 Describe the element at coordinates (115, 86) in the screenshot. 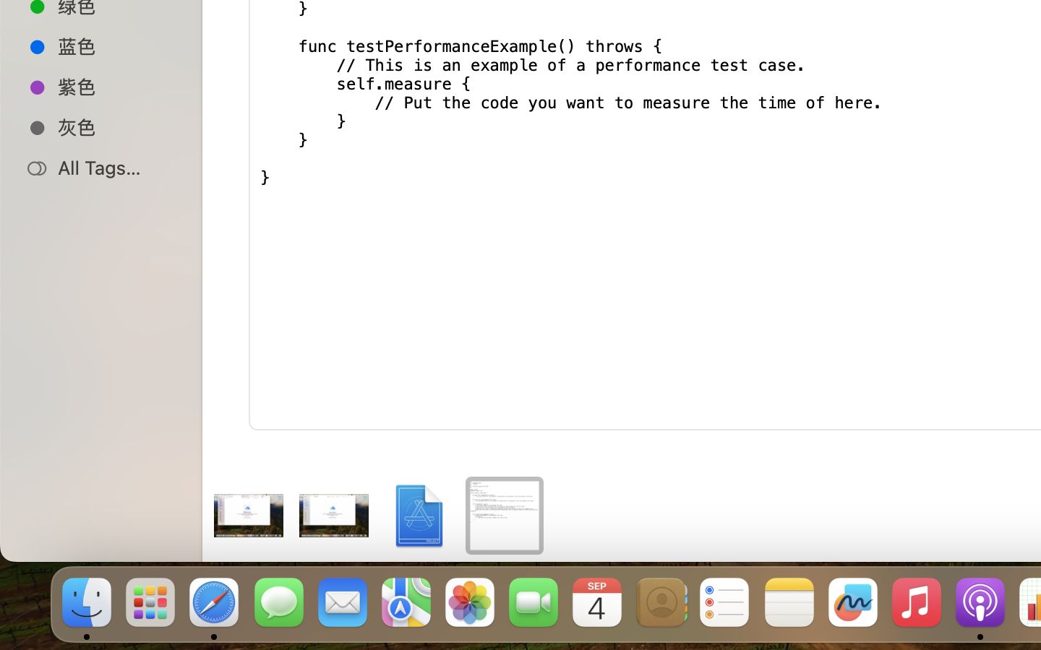

I see `'紫色'` at that location.